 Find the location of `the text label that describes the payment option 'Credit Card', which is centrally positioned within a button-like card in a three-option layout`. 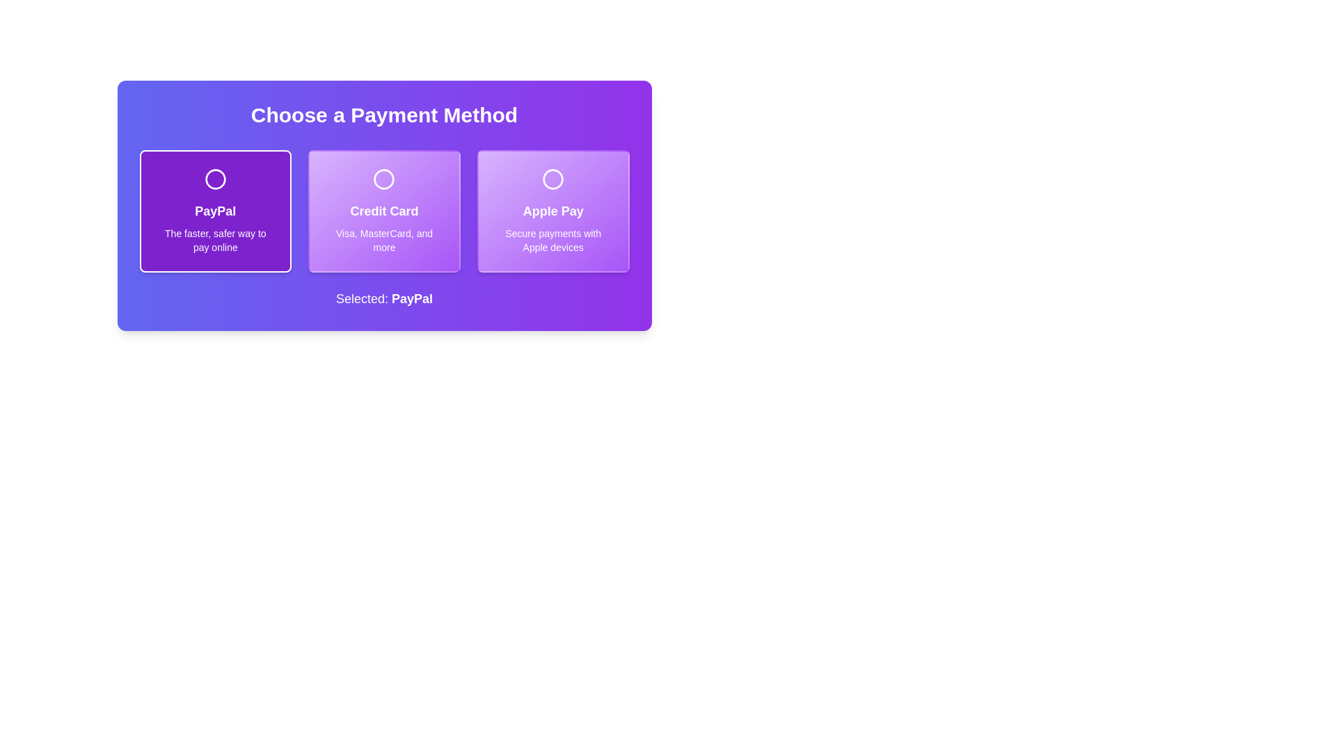

the text label that describes the payment option 'Credit Card', which is centrally positioned within a button-like card in a three-option layout is located at coordinates (384, 211).